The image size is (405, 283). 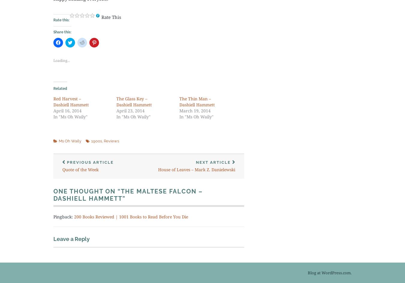 I want to click on 'Blog at WordPress.com.', so click(x=330, y=272).